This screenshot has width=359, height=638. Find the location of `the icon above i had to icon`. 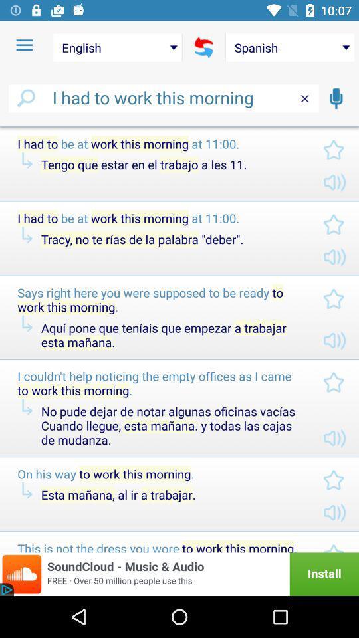

the icon above i had to icon is located at coordinates (24, 45).